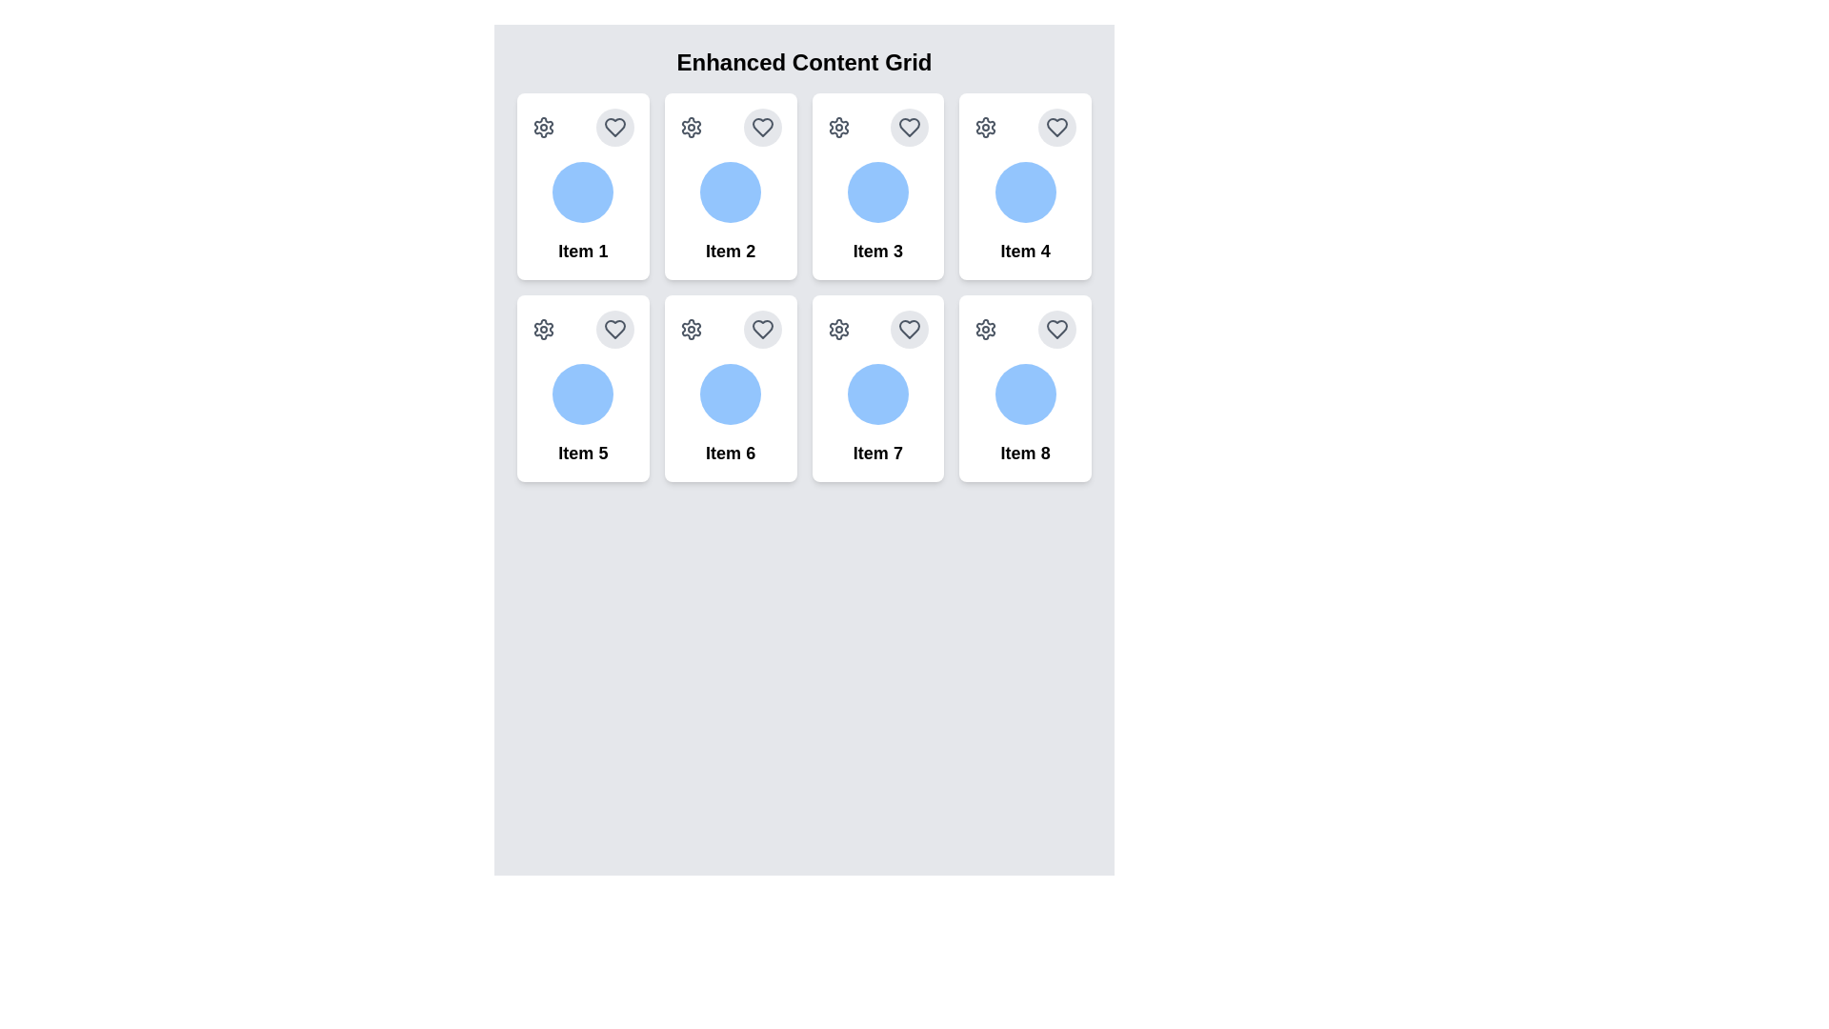 This screenshot has width=1829, height=1029. I want to click on the gear icon, which is a gray outlined cogwheel located at the top-left corner of the card, so click(838, 329).